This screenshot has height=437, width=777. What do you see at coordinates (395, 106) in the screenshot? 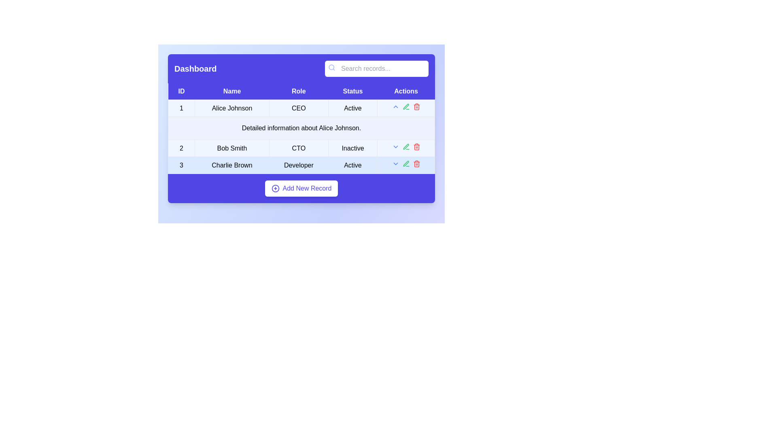
I see `the upward-pointing chevron icon styled with a blue color scheme located in the 'Actions' column of the first row of the table` at bounding box center [395, 106].